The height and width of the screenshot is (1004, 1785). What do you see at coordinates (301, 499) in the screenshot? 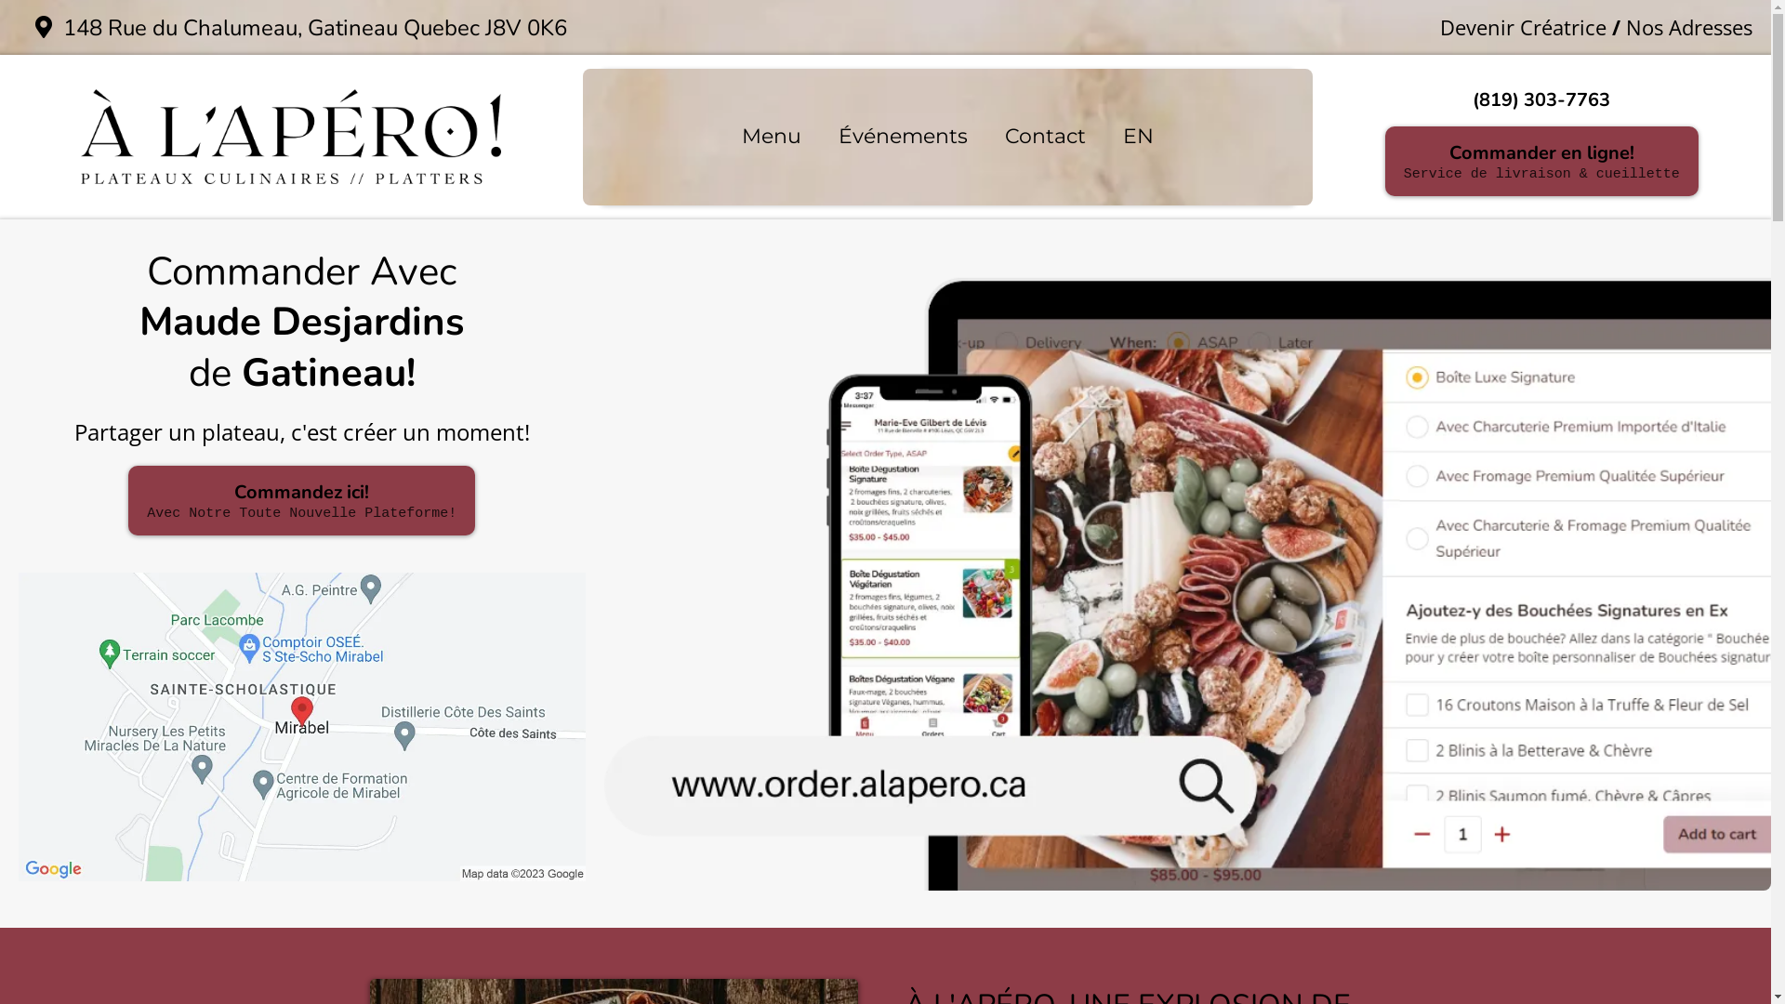
I see `'Commandez ici!` at bounding box center [301, 499].